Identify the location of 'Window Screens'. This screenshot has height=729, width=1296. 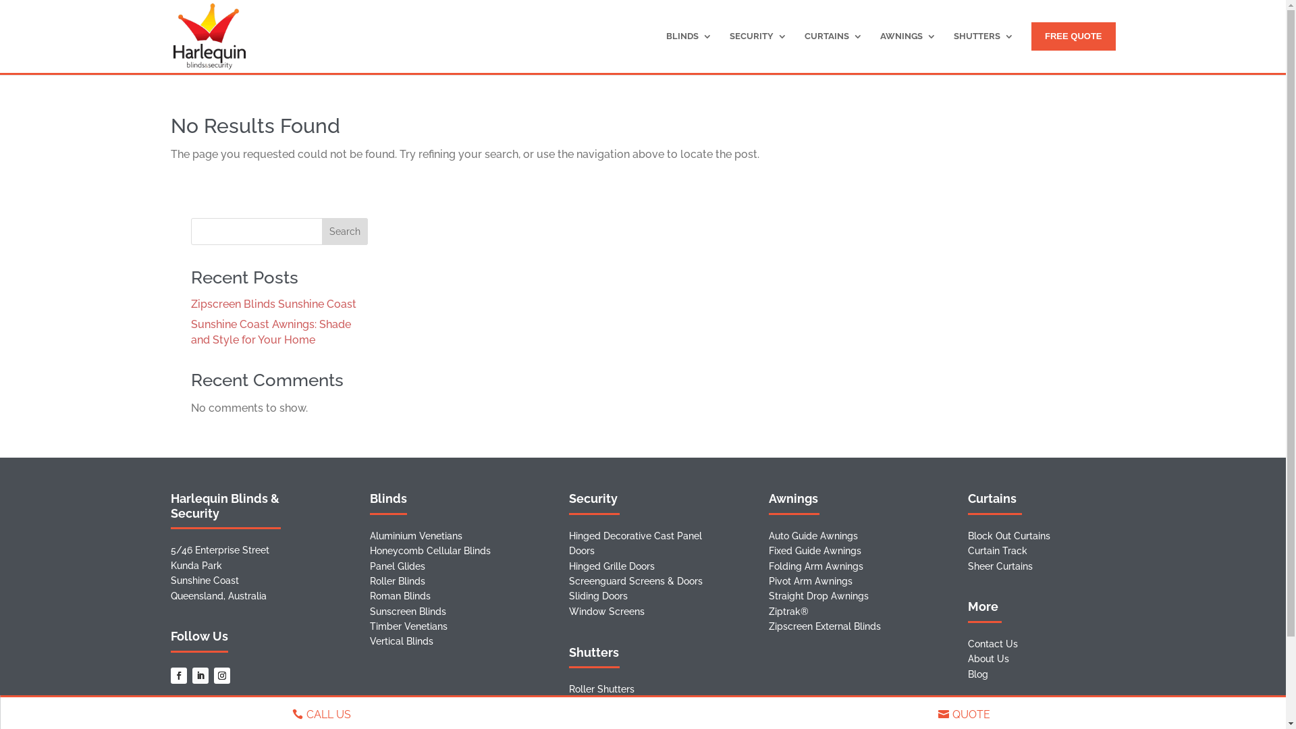
(605, 612).